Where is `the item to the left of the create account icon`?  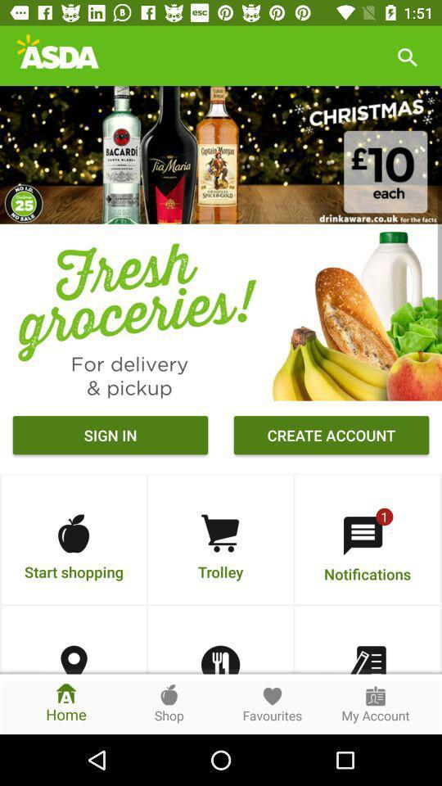 the item to the left of the create account icon is located at coordinates (110, 436).